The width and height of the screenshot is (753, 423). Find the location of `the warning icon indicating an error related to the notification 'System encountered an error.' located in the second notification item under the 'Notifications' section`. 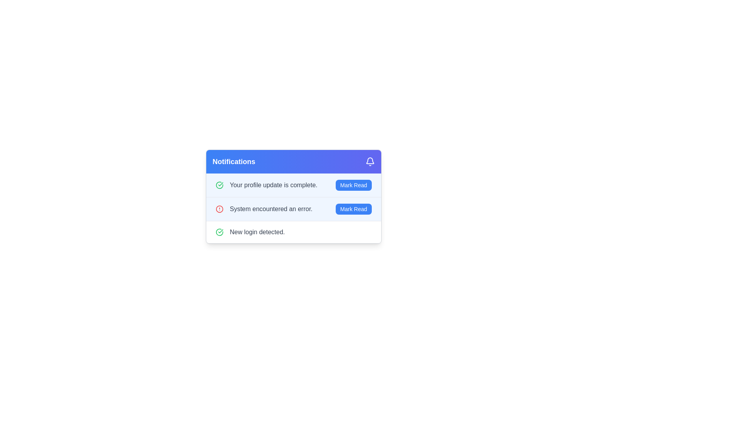

the warning icon indicating an error related to the notification 'System encountered an error.' located in the second notification item under the 'Notifications' section is located at coordinates (220, 208).